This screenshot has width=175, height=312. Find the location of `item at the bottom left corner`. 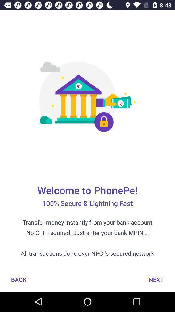

item at the bottom left corner is located at coordinates (18, 279).